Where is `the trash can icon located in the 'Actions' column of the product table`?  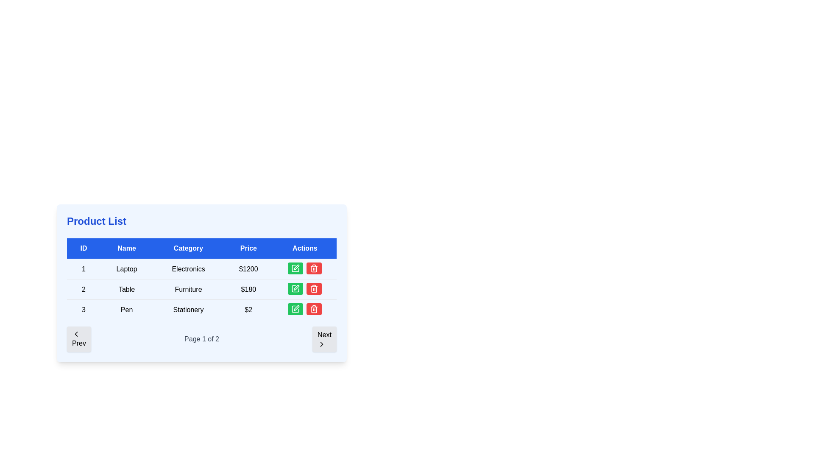
the trash can icon located in the 'Actions' column of the product table is located at coordinates (314, 289).